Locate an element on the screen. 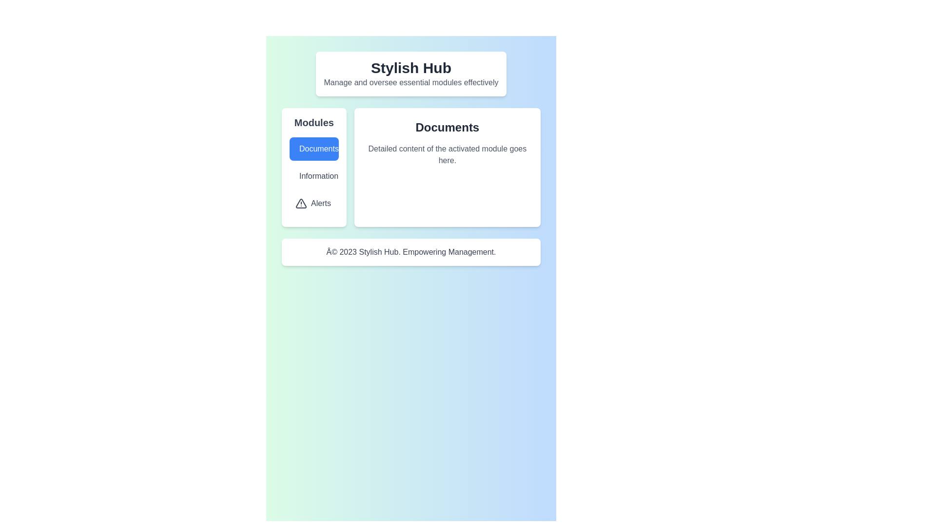 This screenshot has width=936, height=526. the 'Information' label located below the 'Documents' label in the 'Modules' section is located at coordinates (314, 176).